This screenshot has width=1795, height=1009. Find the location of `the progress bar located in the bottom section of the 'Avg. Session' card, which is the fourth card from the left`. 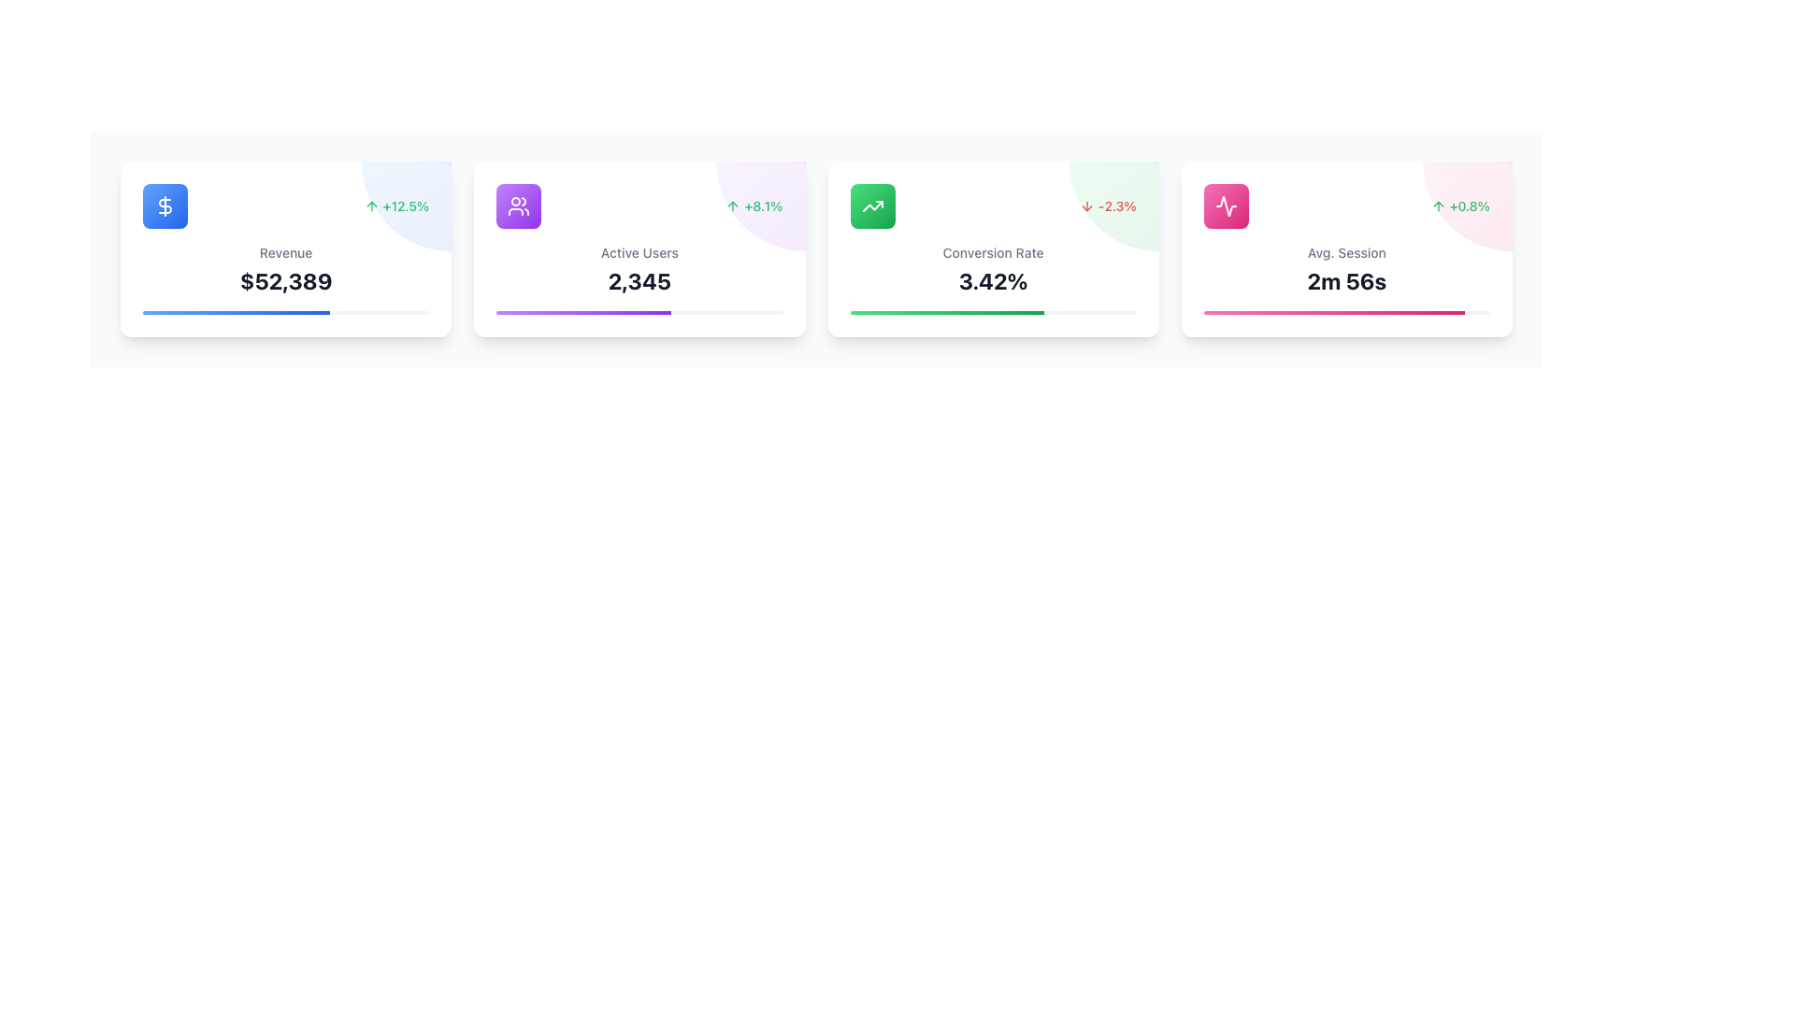

the progress bar located in the bottom section of the 'Avg. Session' card, which is the fourth card from the left is located at coordinates (1346, 312).